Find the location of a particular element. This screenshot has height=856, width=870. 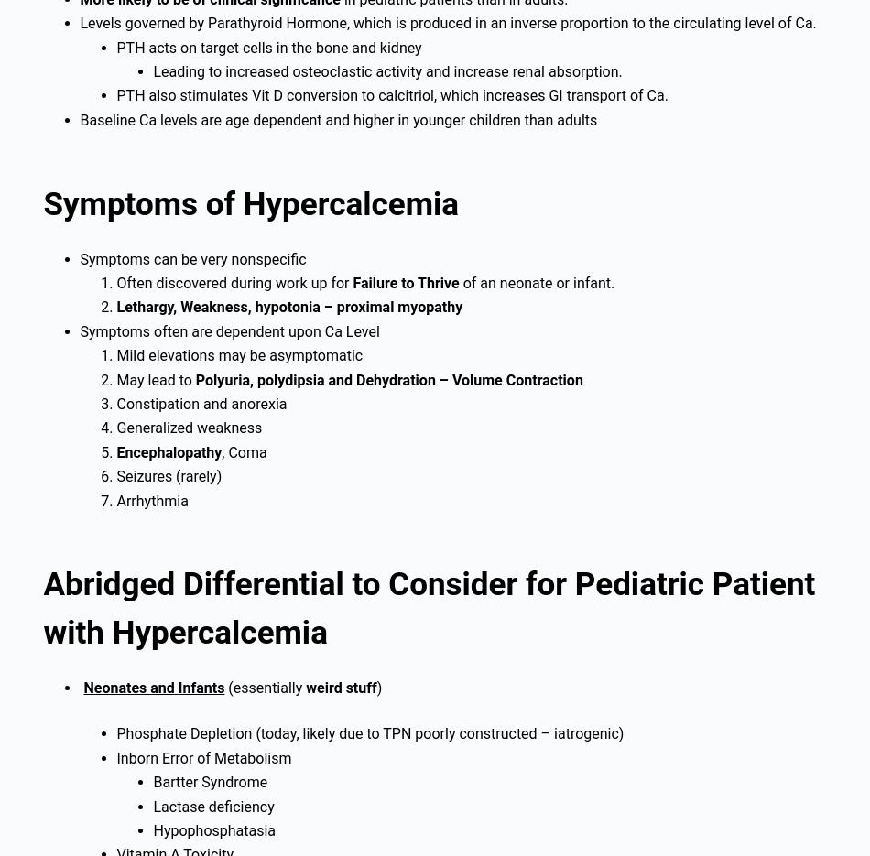

'#FOAMed Medical Education Resources by' is located at coordinates (43, 655).